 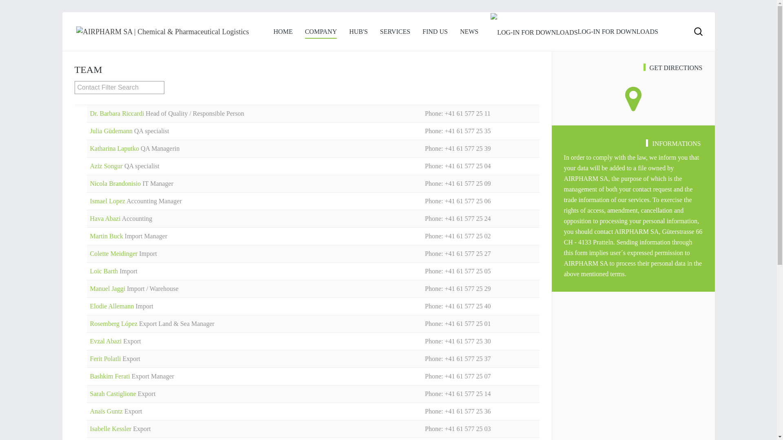 What do you see at coordinates (105, 218) in the screenshot?
I see `'Hava Abazi'` at bounding box center [105, 218].